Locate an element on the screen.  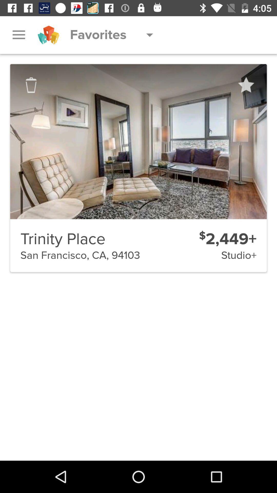
star icon to favorite is located at coordinates (245, 85).